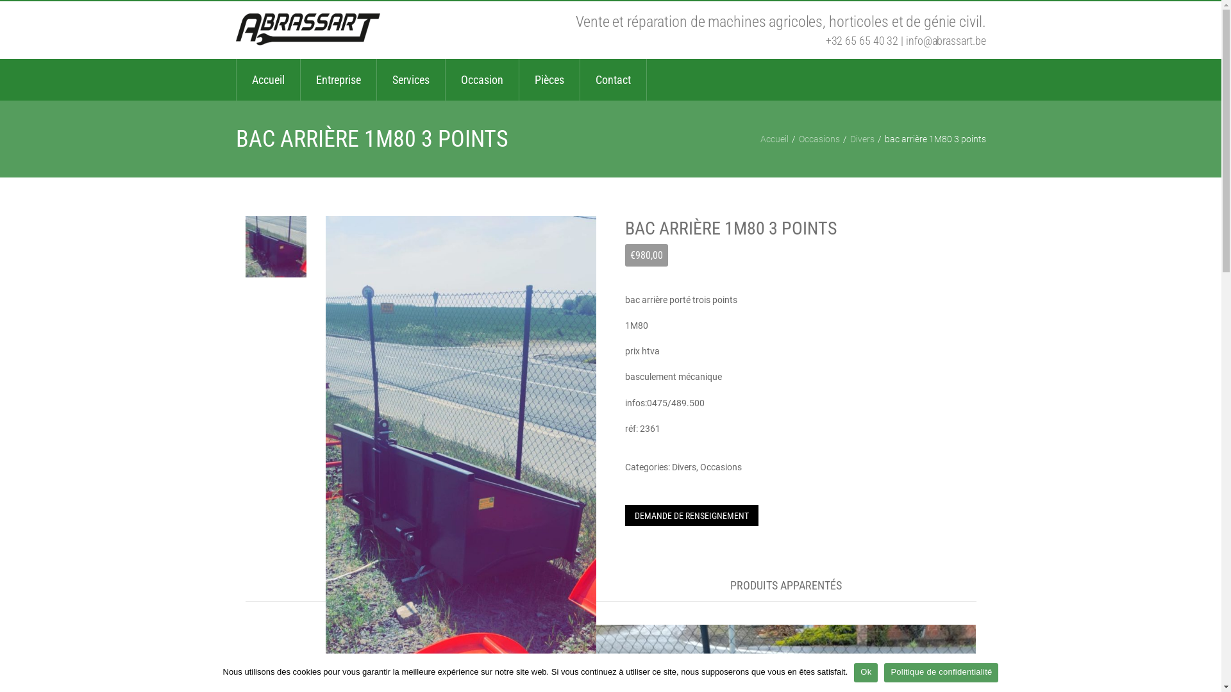 The image size is (1231, 692). I want to click on 'Occasions', so click(818, 138).